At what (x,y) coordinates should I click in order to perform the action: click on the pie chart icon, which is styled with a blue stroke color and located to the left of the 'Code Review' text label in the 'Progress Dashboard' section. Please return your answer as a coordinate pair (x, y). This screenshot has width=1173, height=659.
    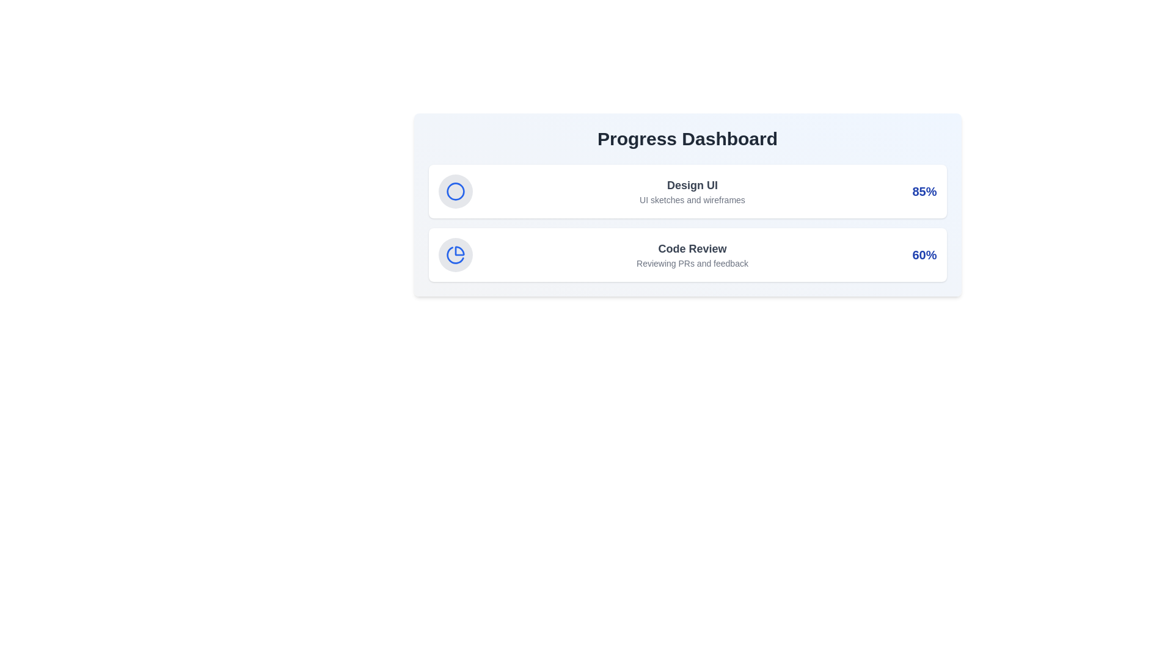
    Looking at the image, I should click on (455, 254).